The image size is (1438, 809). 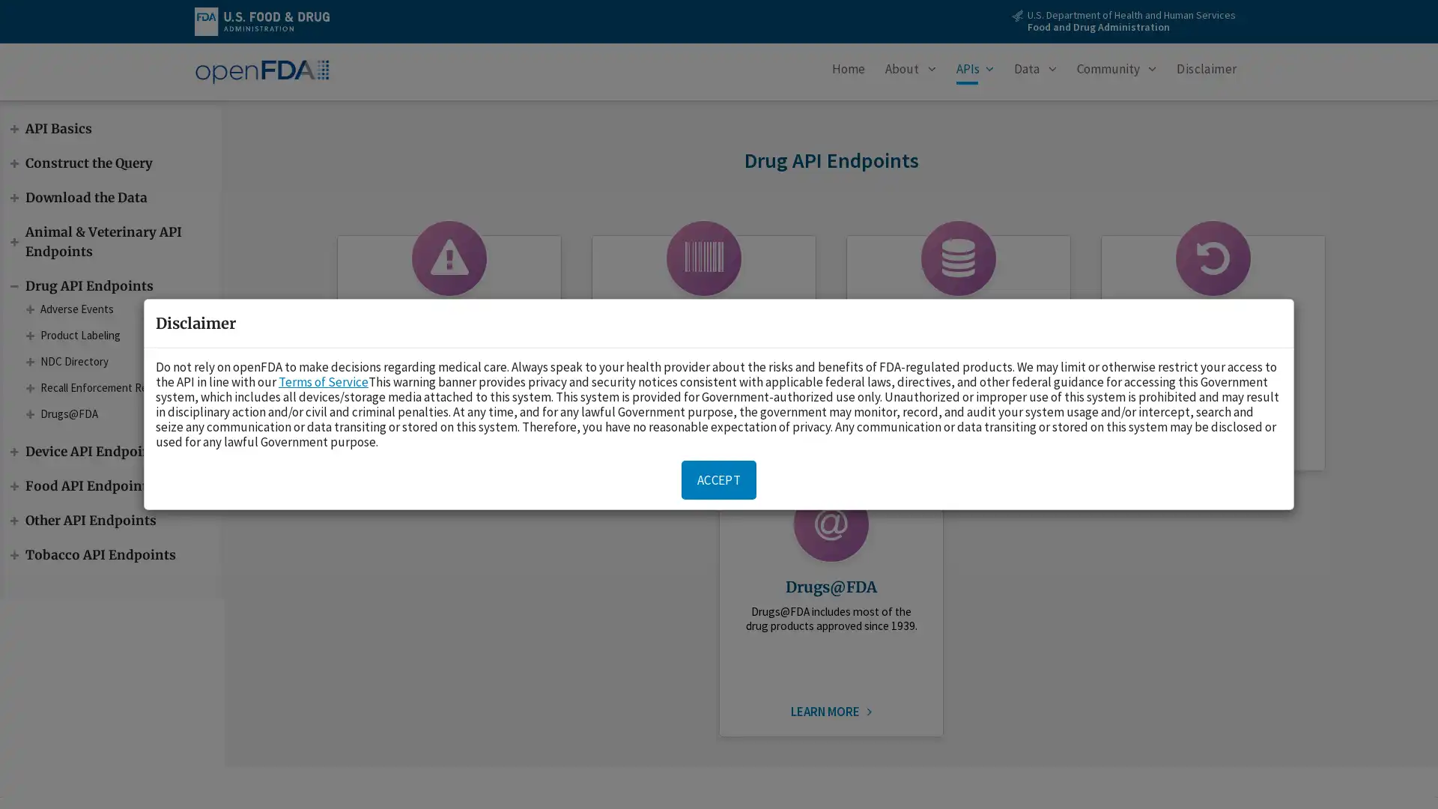 I want to click on ACCEPT, so click(x=719, y=479).